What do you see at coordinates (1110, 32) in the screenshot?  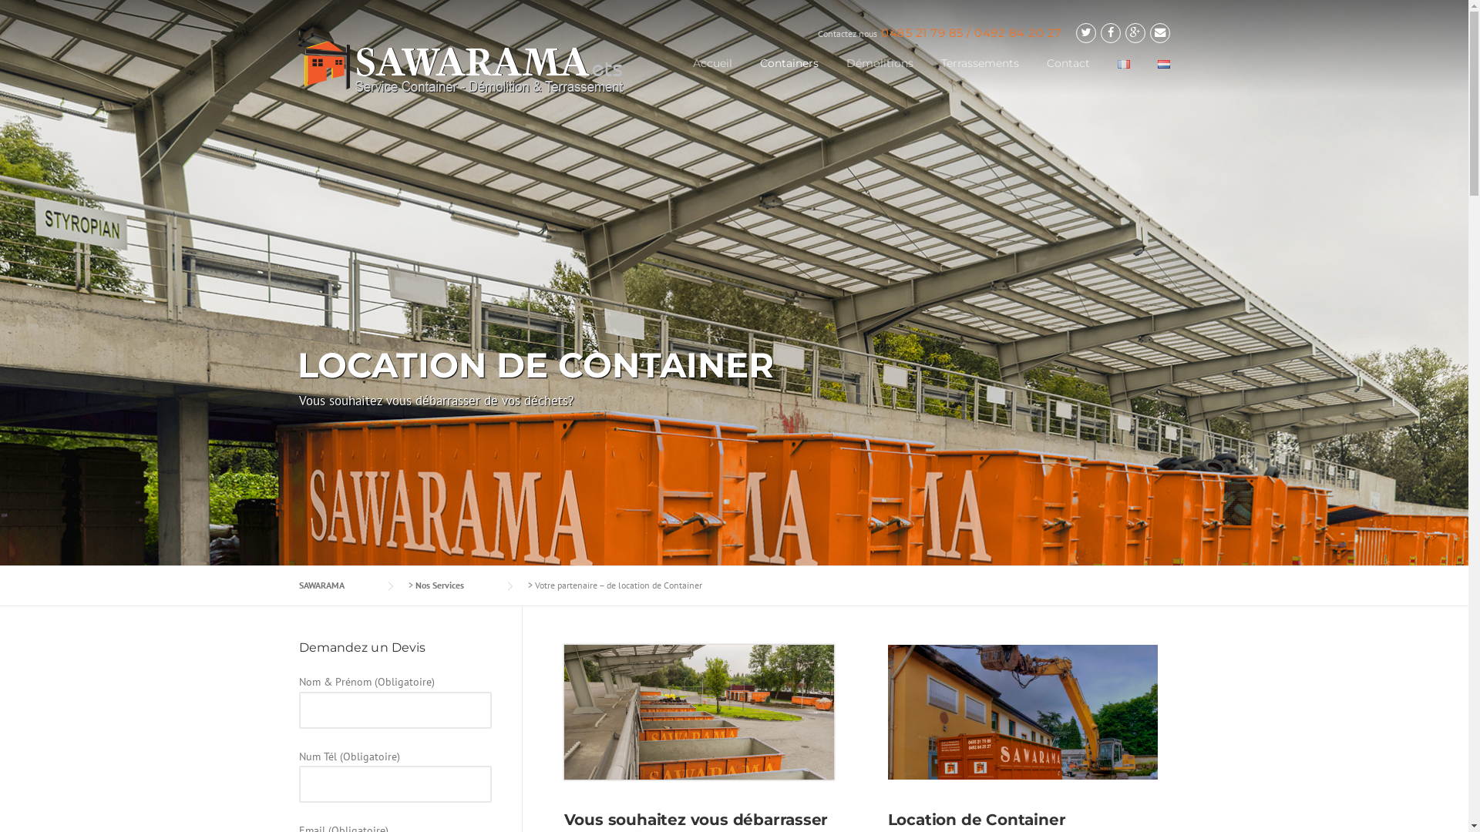 I see `'Facebook'` at bounding box center [1110, 32].